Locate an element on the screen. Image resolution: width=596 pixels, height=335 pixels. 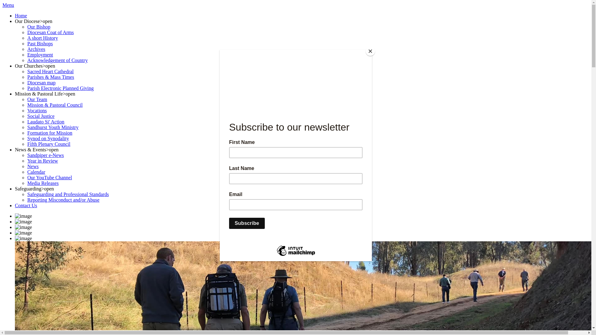
'Synod on Synodality' is located at coordinates (47, 138).